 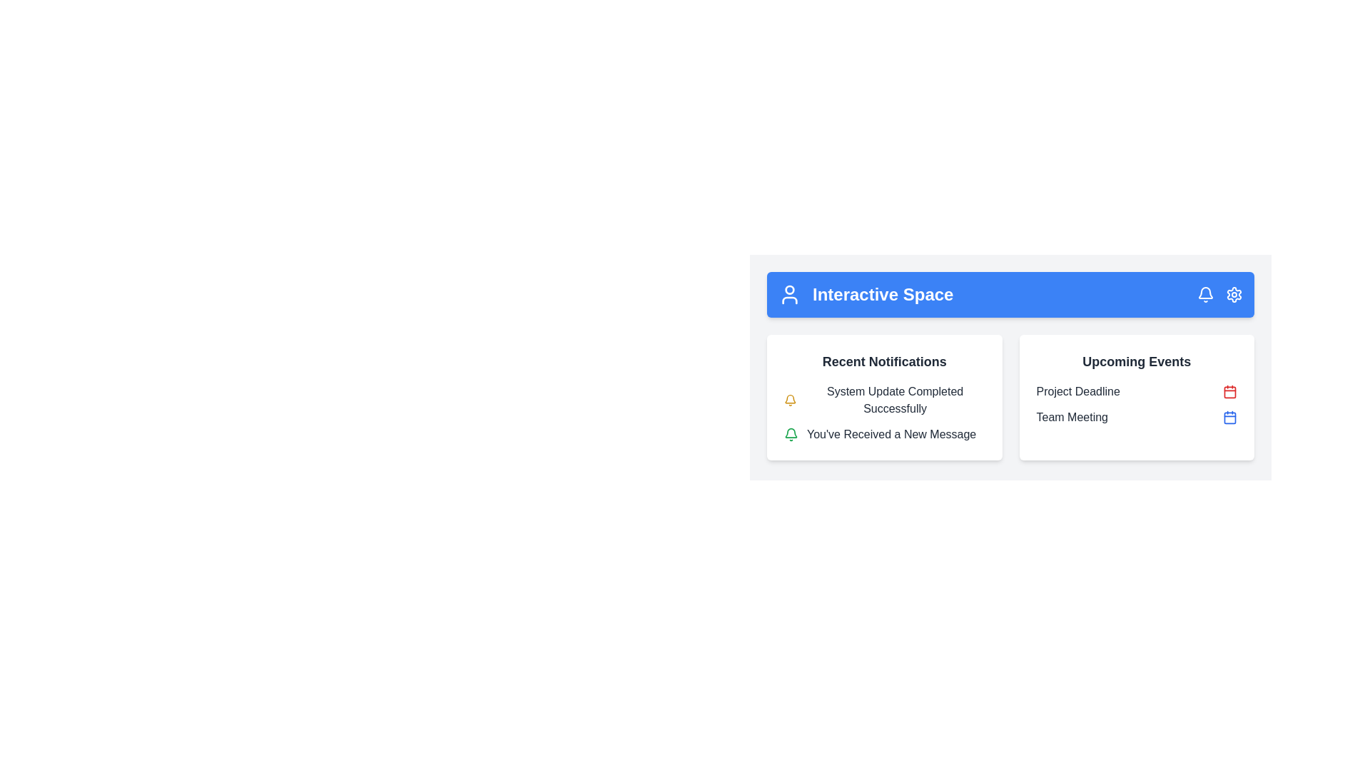 What do you see at coordinates (1136, 405) in the screenshot?
I see `calendar icon in the second event item of the vertical list under the 'Upcoming Events' section` at bounding box center [1136, 405].